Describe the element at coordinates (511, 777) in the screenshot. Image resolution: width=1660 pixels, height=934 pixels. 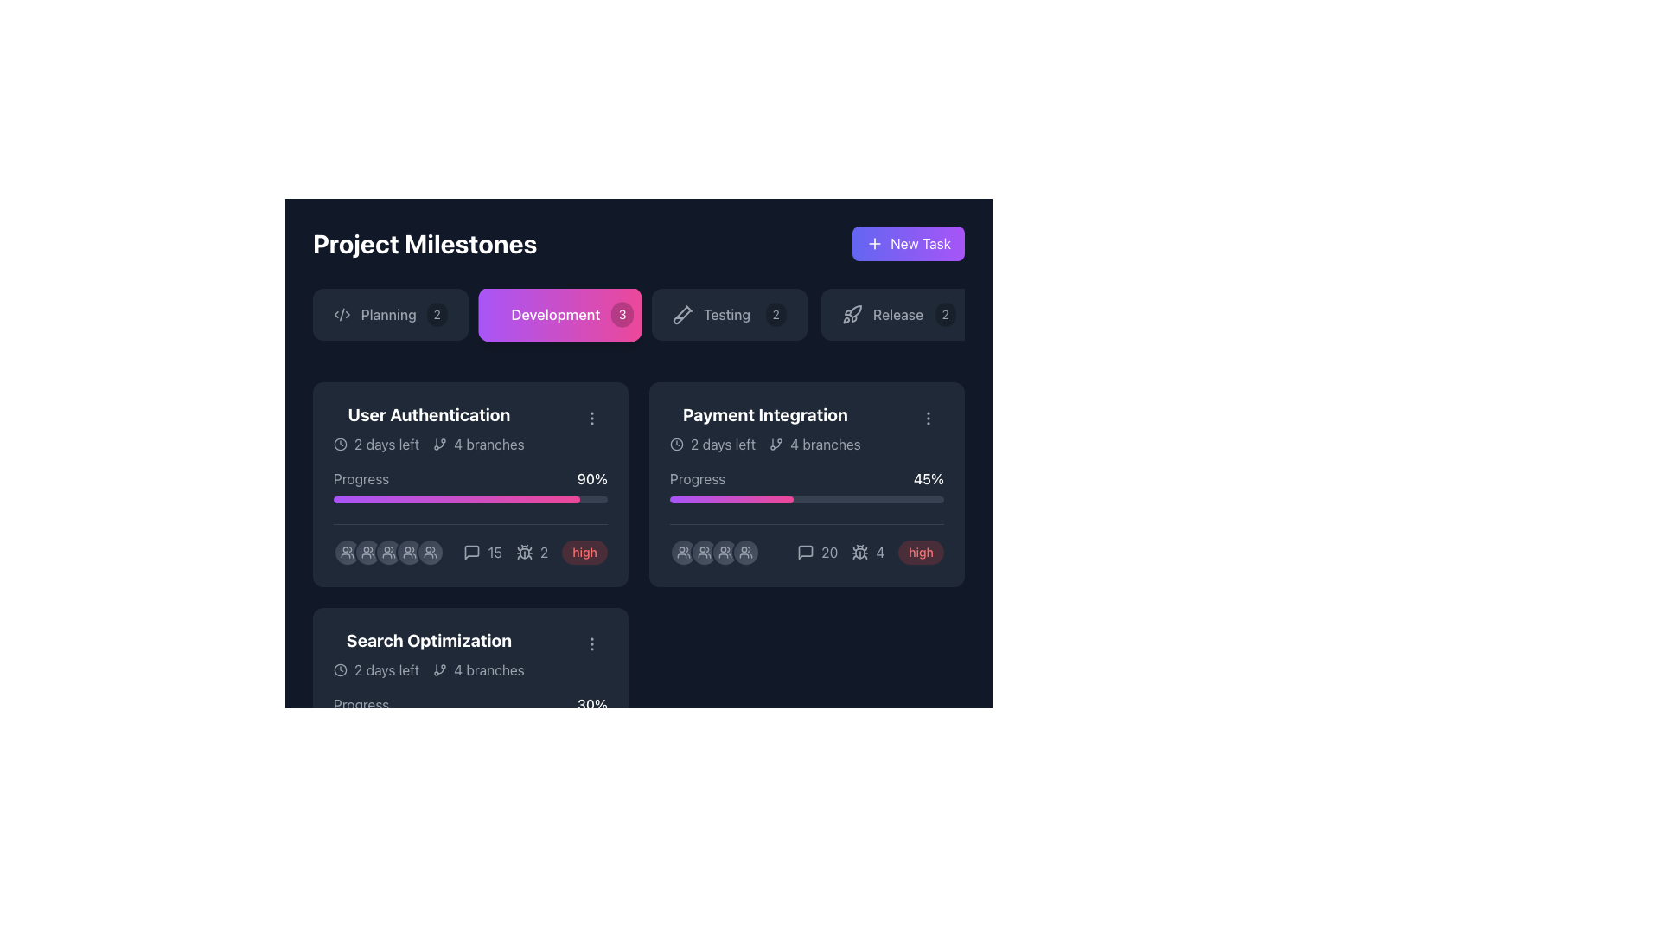
I see `value of the gray numeral '1' located in the horizontal flexbox layout beneath the 'Payment Integration' card` at that location.